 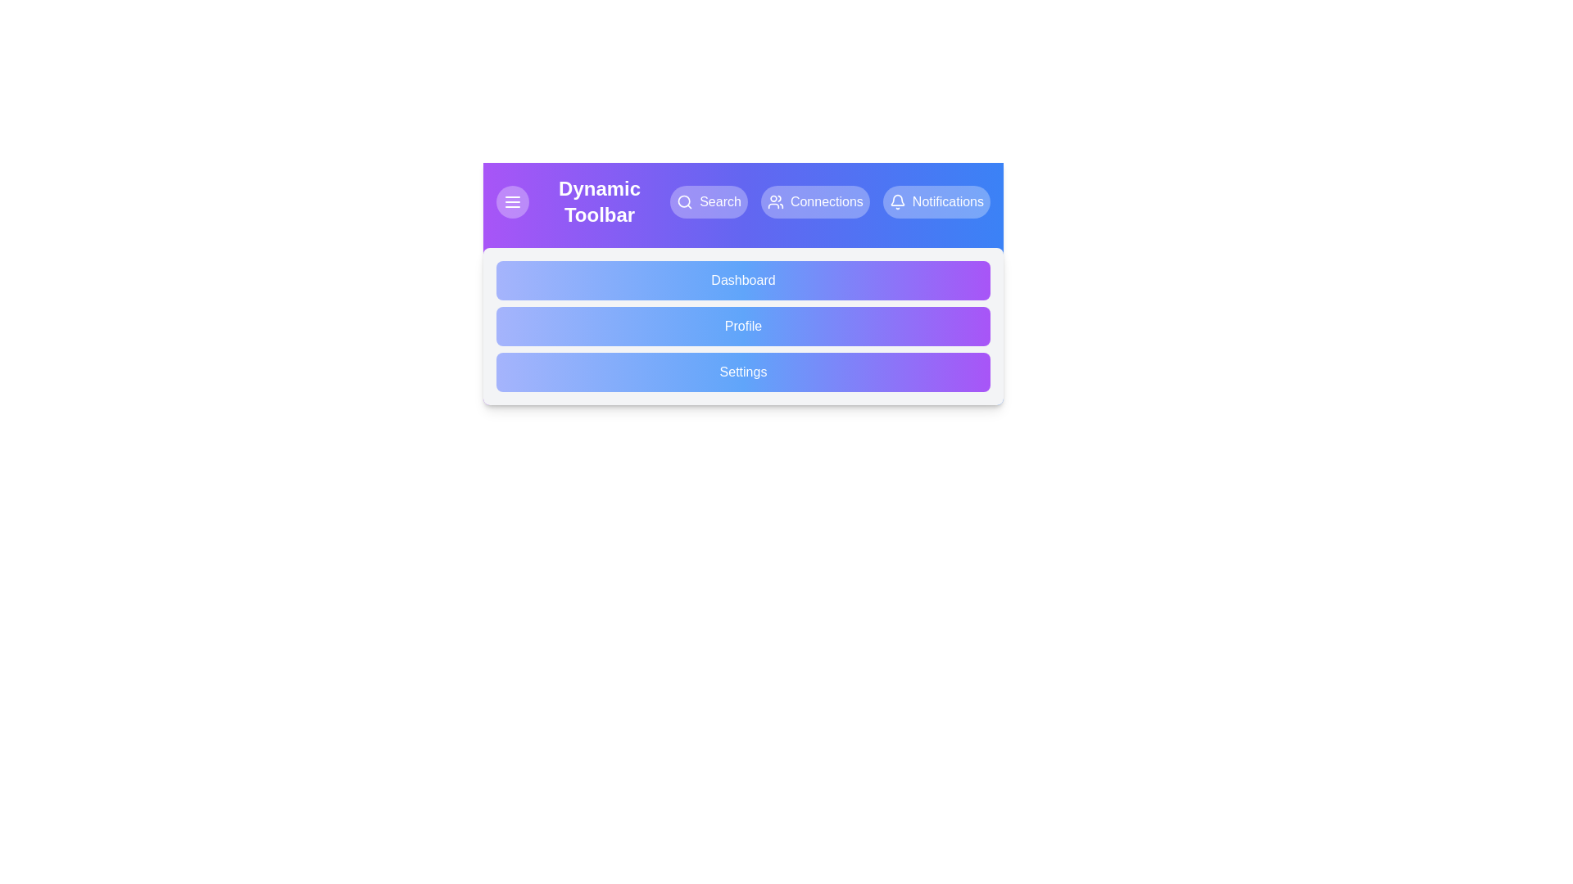 I want to click on the menu button to toggle the menu visibility, so click(x=511, y=201).